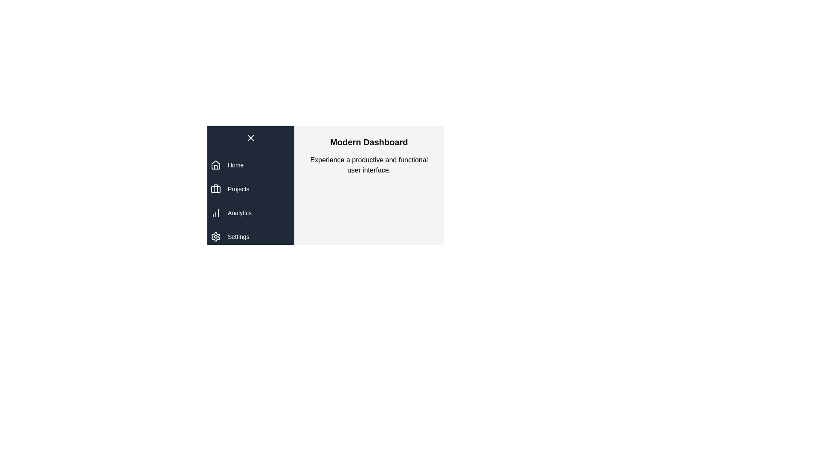  Describe the element at coordinates (250, 188) in the screenshot. I see `the navigation item Projects to observe its hover effect` at that location.